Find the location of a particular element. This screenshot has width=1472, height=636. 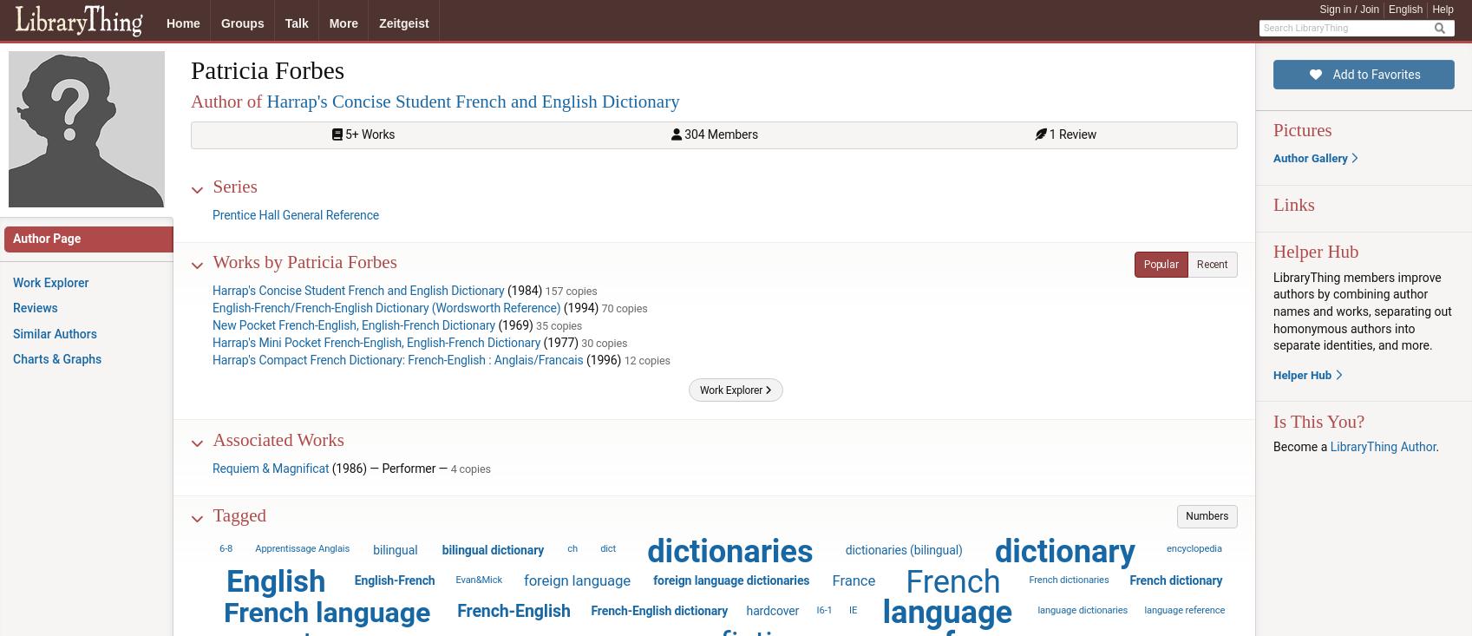

'Author Page' is located at coordinates (46, 239).